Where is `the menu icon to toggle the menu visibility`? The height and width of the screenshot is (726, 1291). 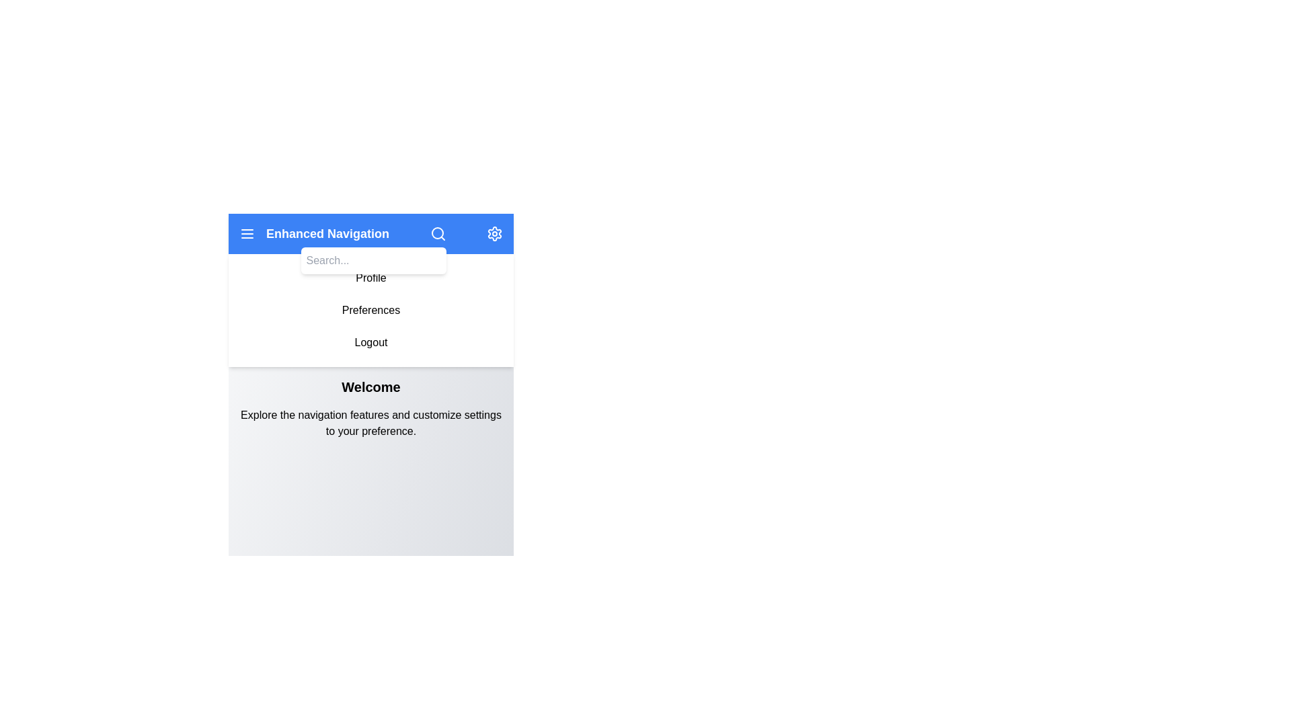
the menu icon to toggle the menu visibility is located at coordinates (247, 233).